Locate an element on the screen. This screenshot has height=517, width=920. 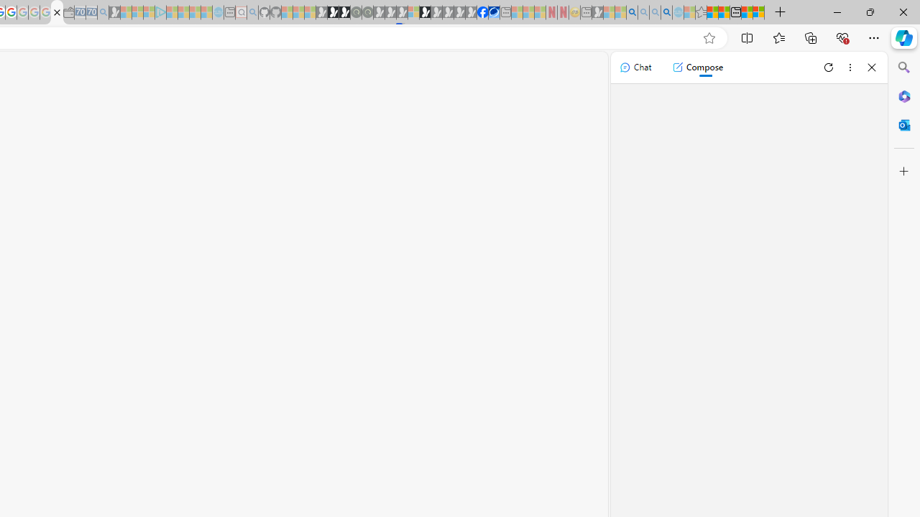
'Future Focus Report 2024 - Sleeping' is located at coordinates (367, 12).